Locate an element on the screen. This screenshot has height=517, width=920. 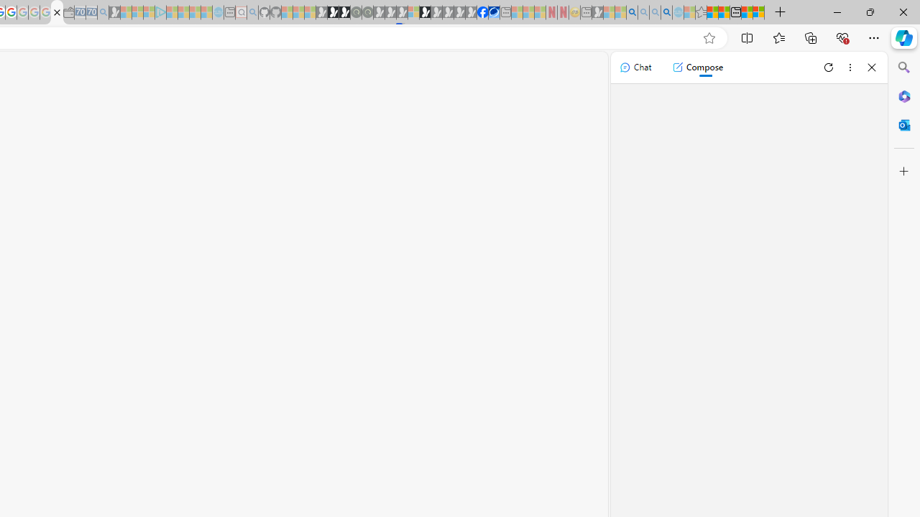
'Future Focus Report 2024 - Sleeping' is located at coordinates (367, 12).